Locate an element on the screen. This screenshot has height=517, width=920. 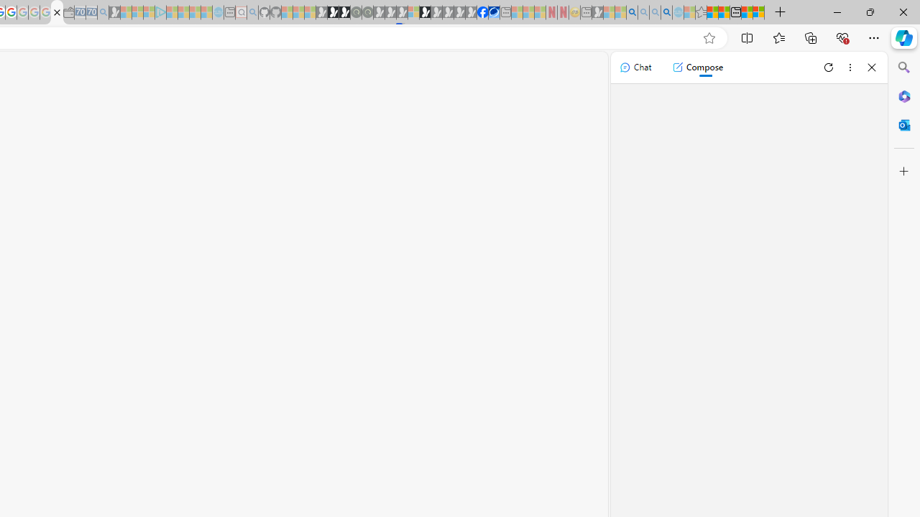
'Future Focus Report 2024 - Sleeping' is located at coordinates (367, 12).